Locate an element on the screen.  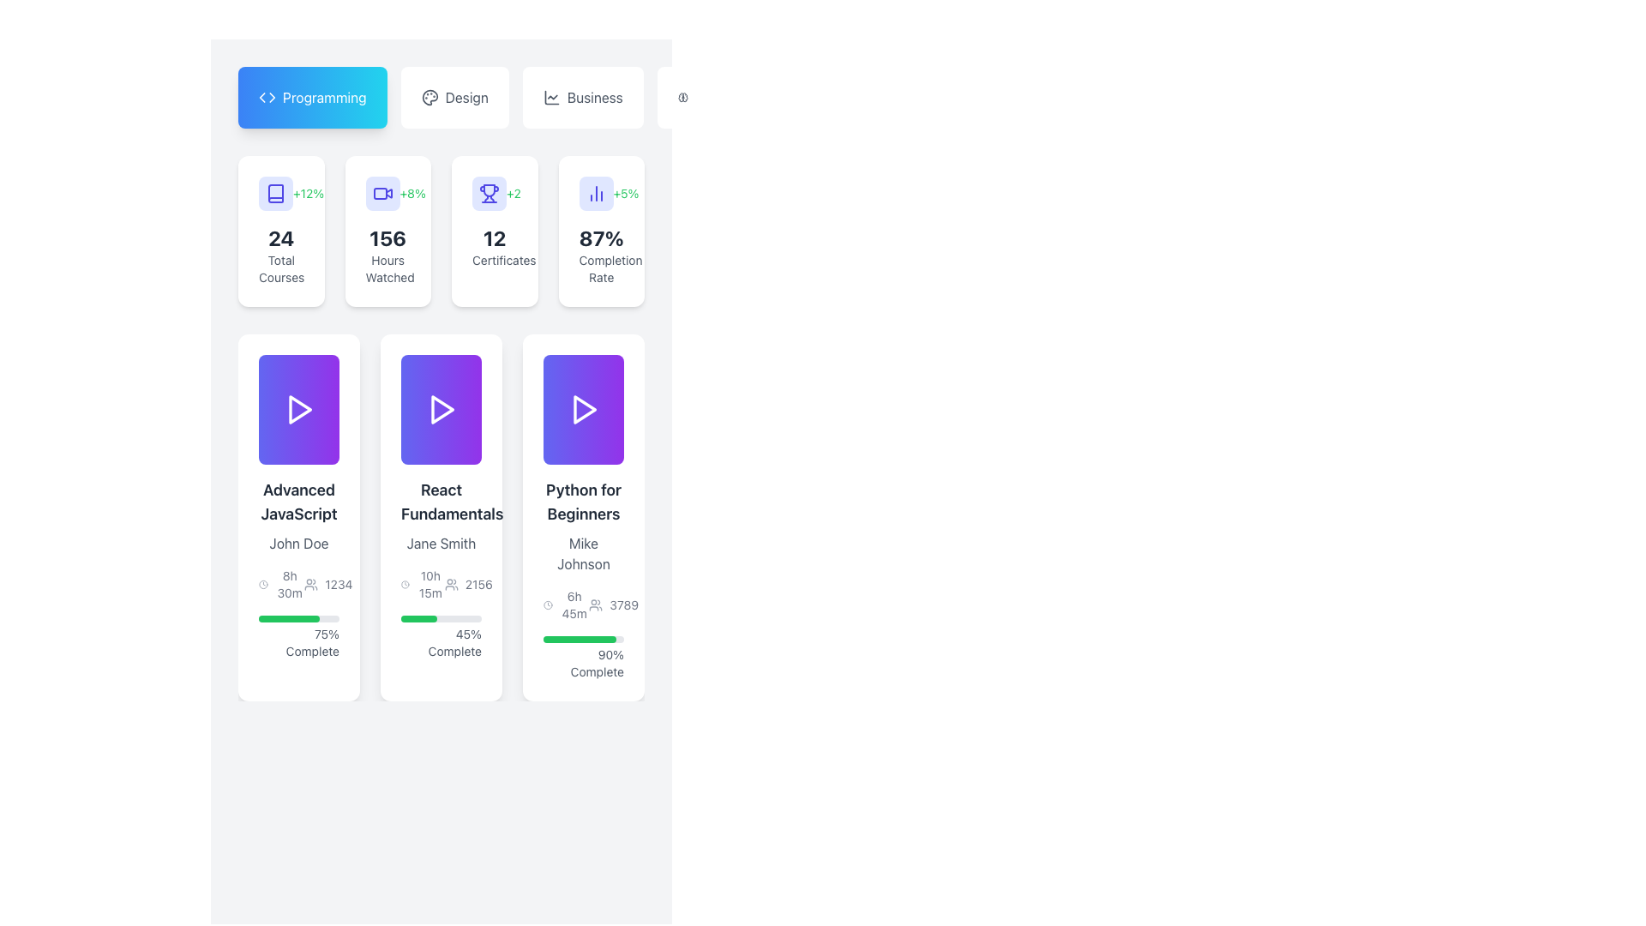
the 'Business' text label within the navigation button is located at coordinates (595, 98).